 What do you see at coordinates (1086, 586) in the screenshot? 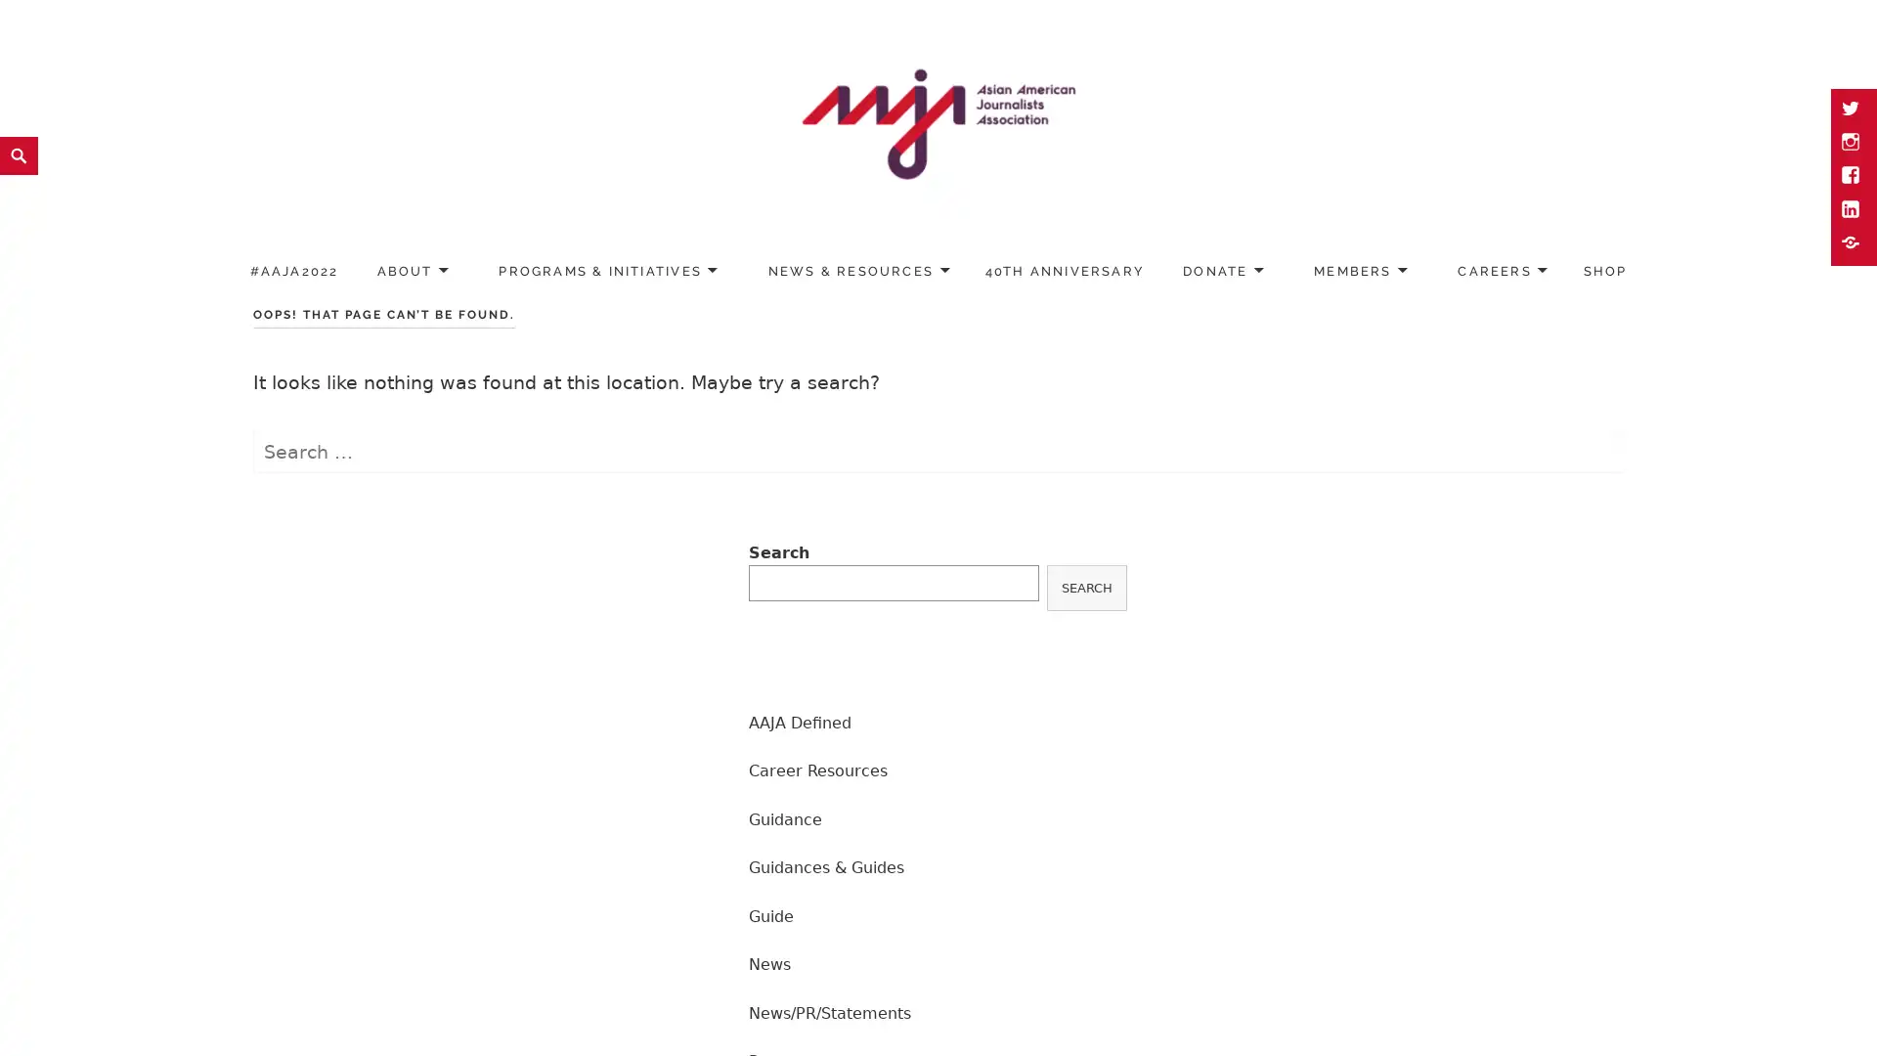
I see `SEARCH` at bounding box center [1086, 586].